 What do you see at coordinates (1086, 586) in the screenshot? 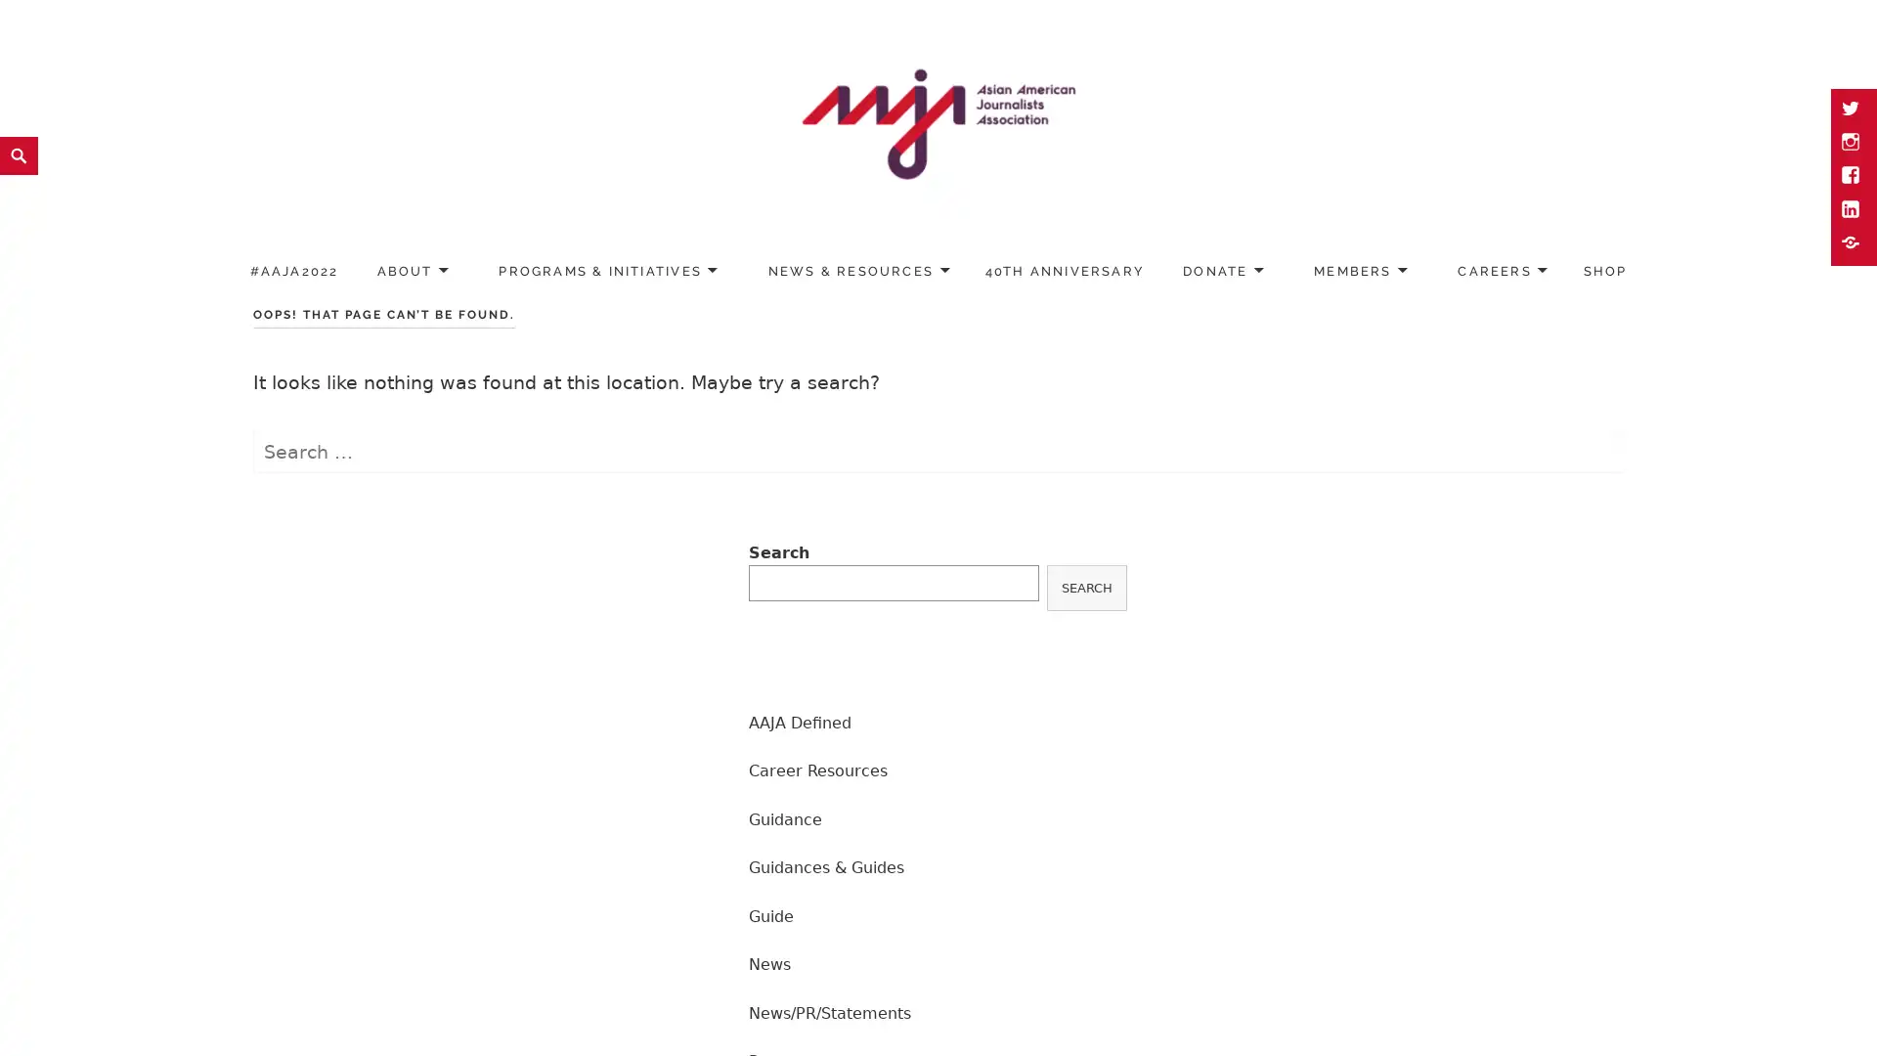
I see `SEARCH` at bounding box center [1086, 586].